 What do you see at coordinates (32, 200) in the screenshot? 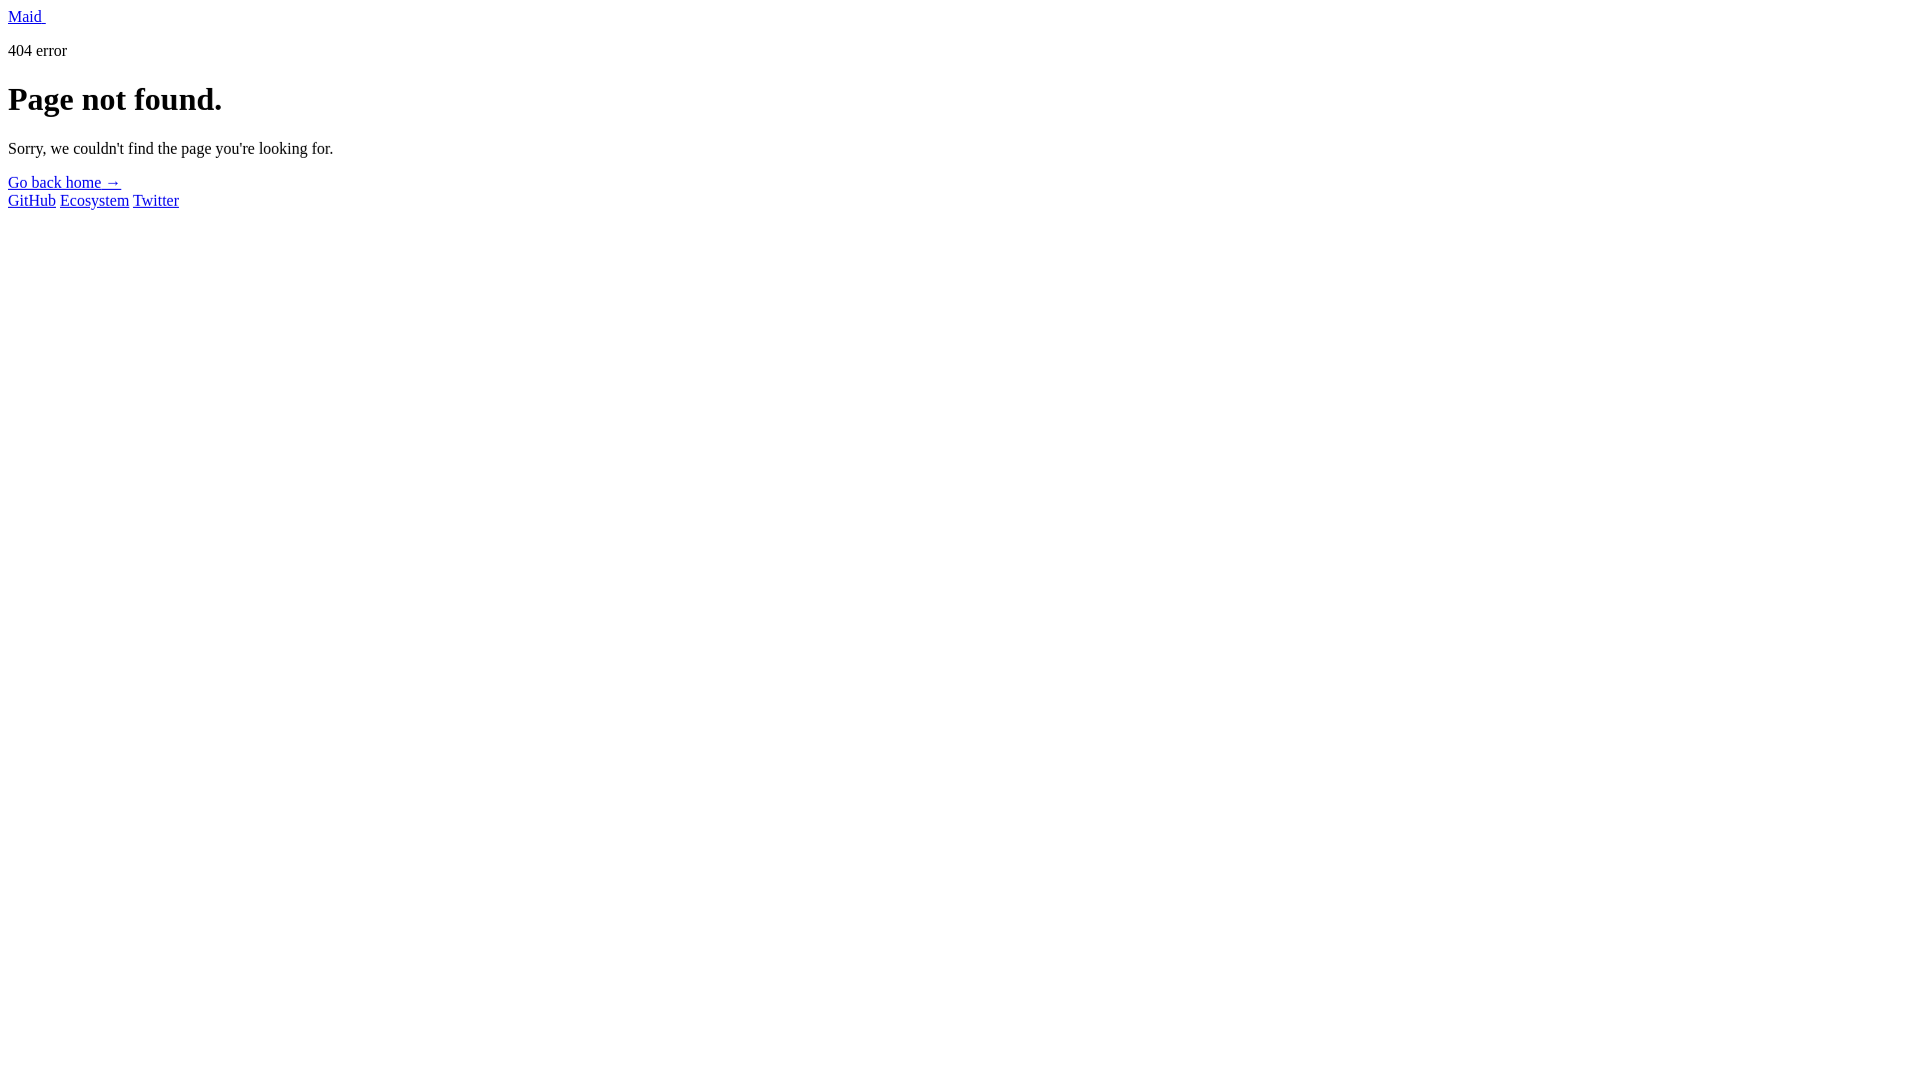
I see `'GitHub'` at bounding box center [32, 200].